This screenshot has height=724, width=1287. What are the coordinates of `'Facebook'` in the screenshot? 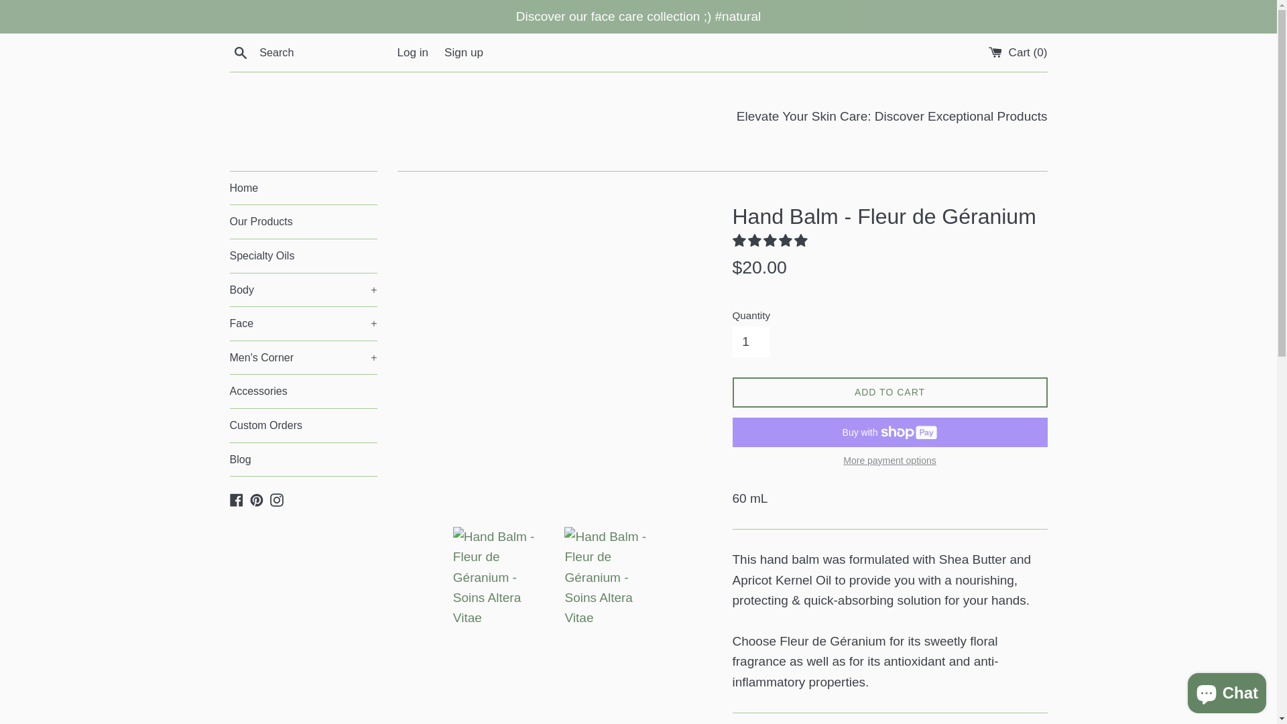 It's located at (235, 499).